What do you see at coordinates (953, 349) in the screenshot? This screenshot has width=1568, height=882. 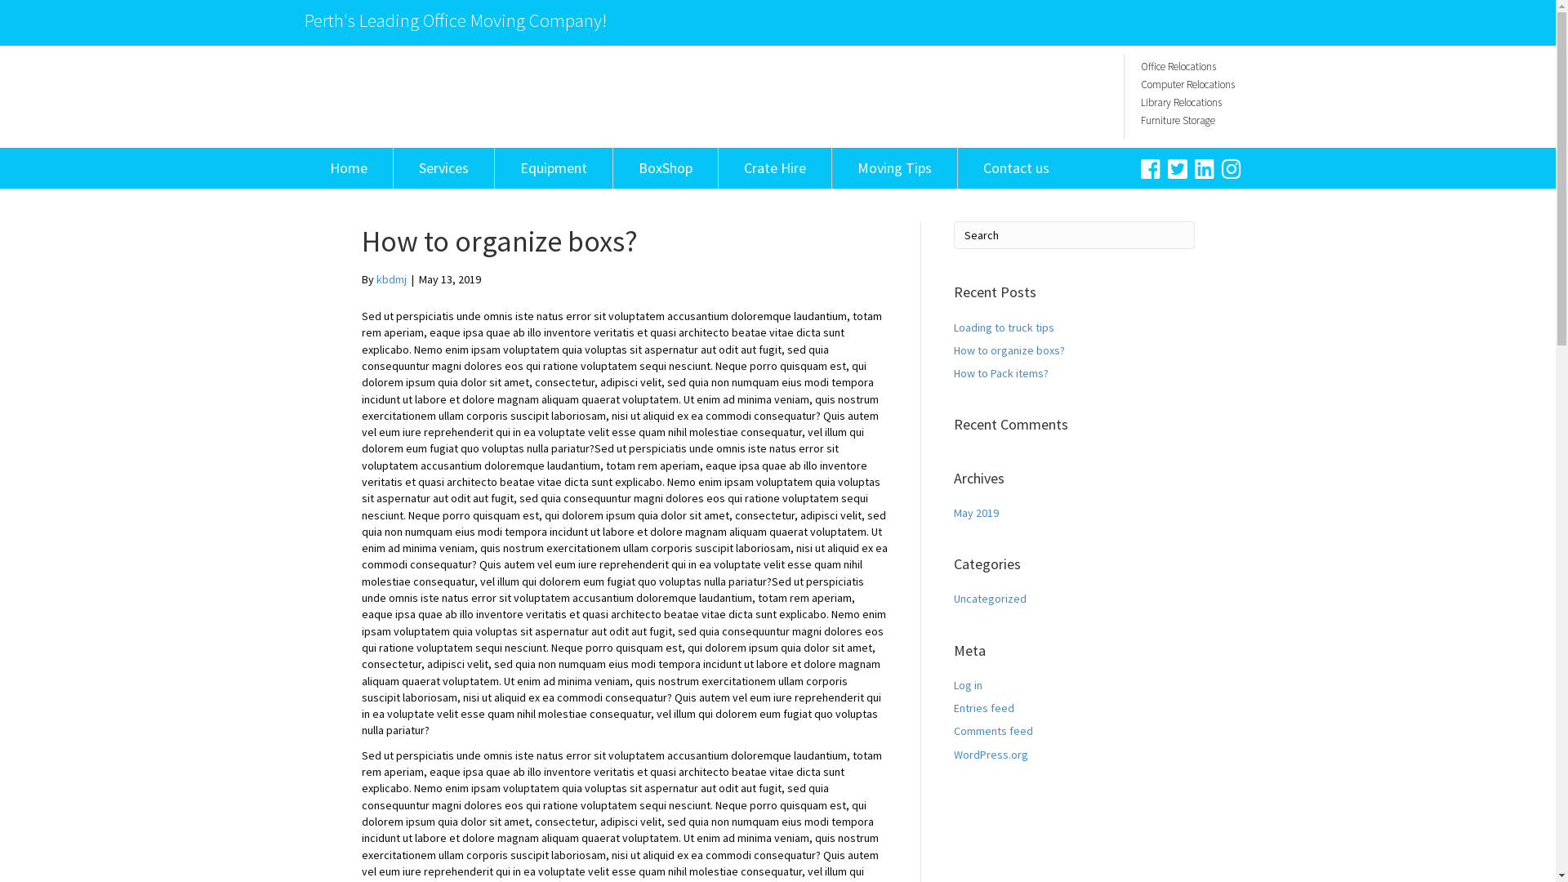 I see `'How to organize boxs?'` at bounding box center [953, 349].